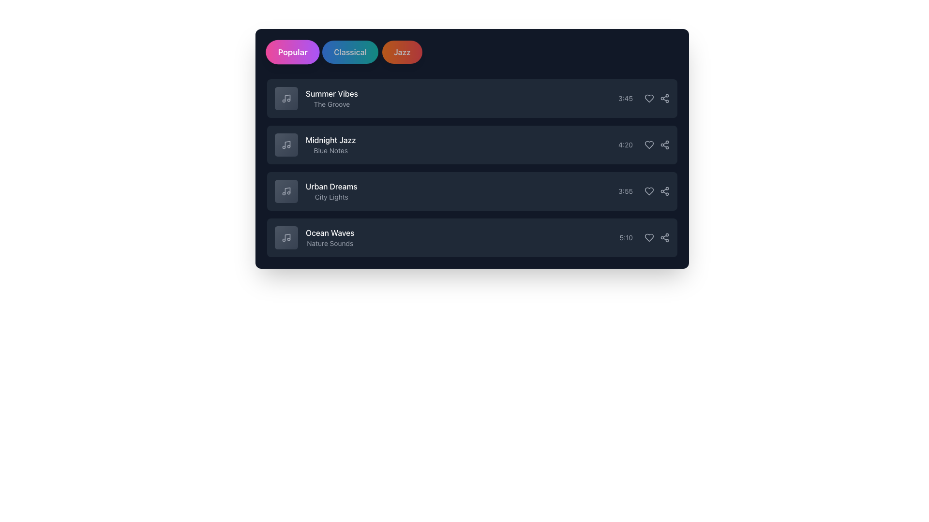 This screenshot has height=522, width=929. What do you see at coordinates (285, 145) in the screenshot?
I see `design details of the musical note icon, which is a square with rounded corners and a gradient background, located in the 'Midnight Jazz' row` at bounding box center [285, 145].